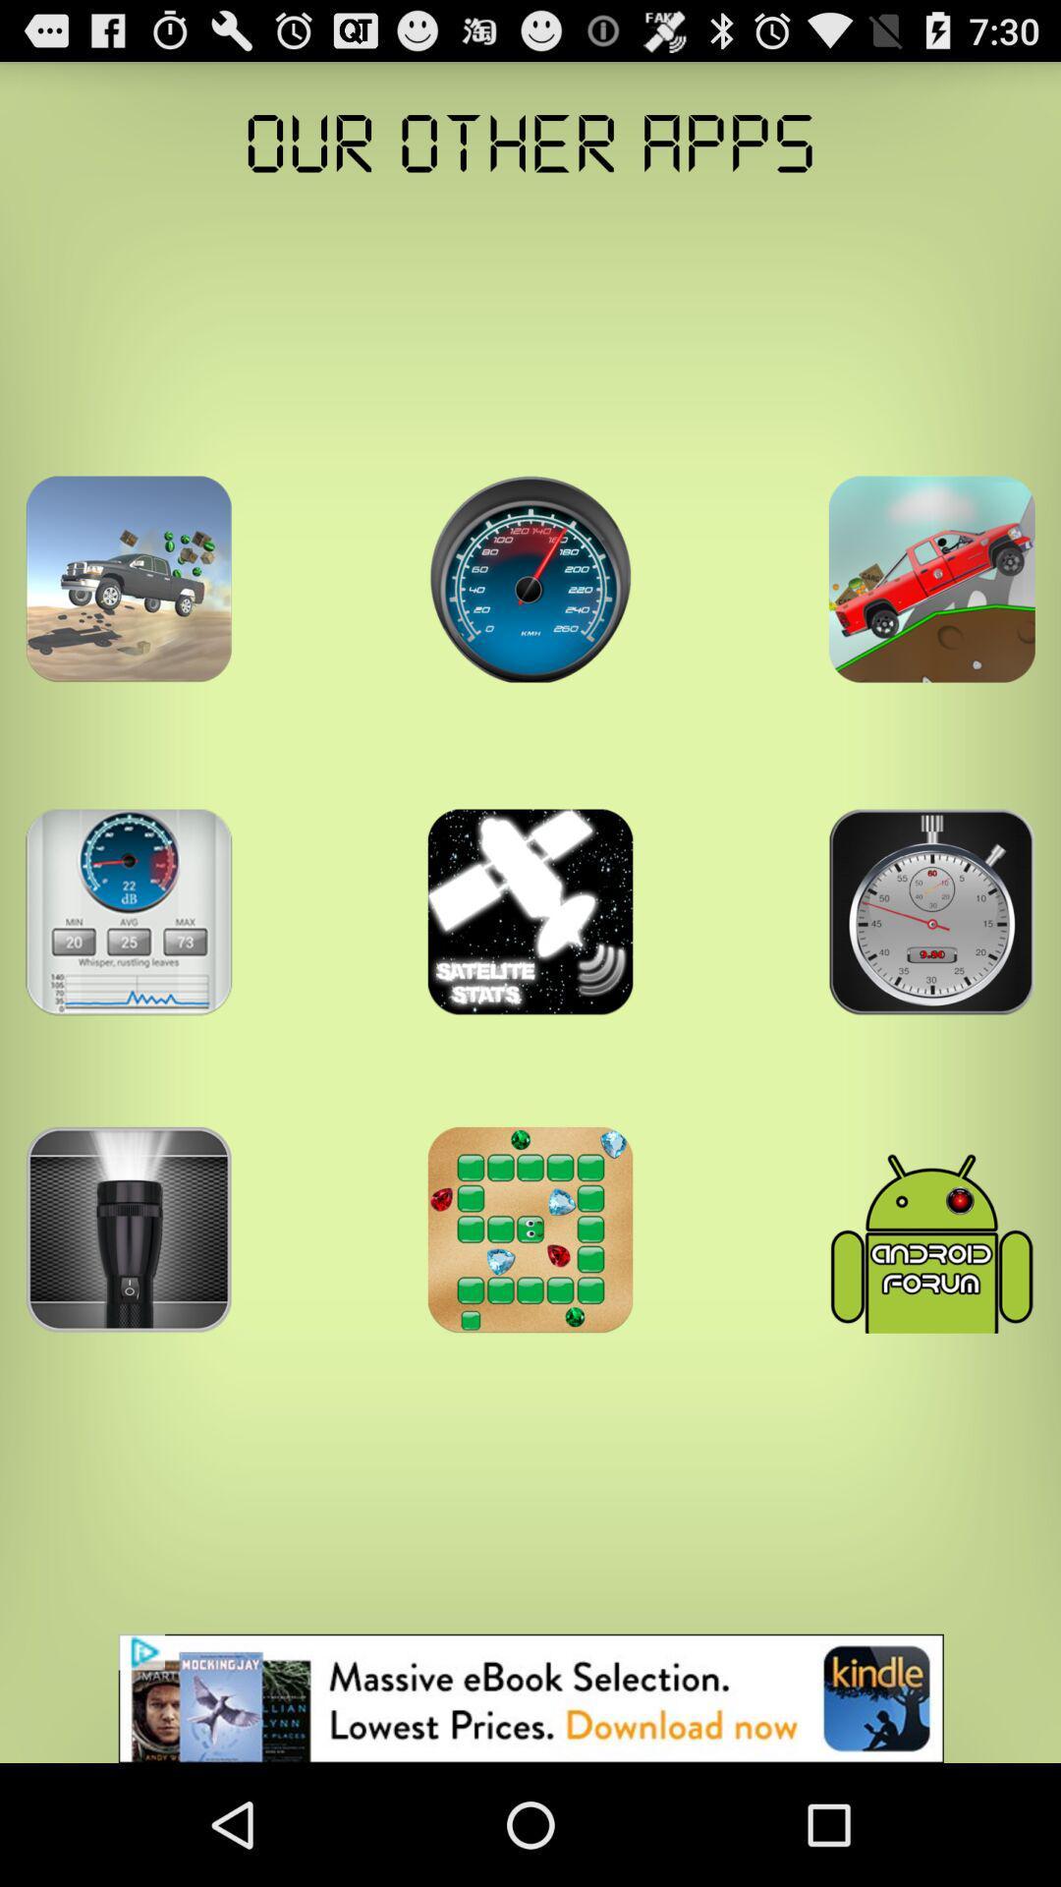 The height and width of the screenshot is (1887, 1061). Describe the element at coordinates (530, 1697) in the screenshot. I see `visit sponsor advertisement` at that location.